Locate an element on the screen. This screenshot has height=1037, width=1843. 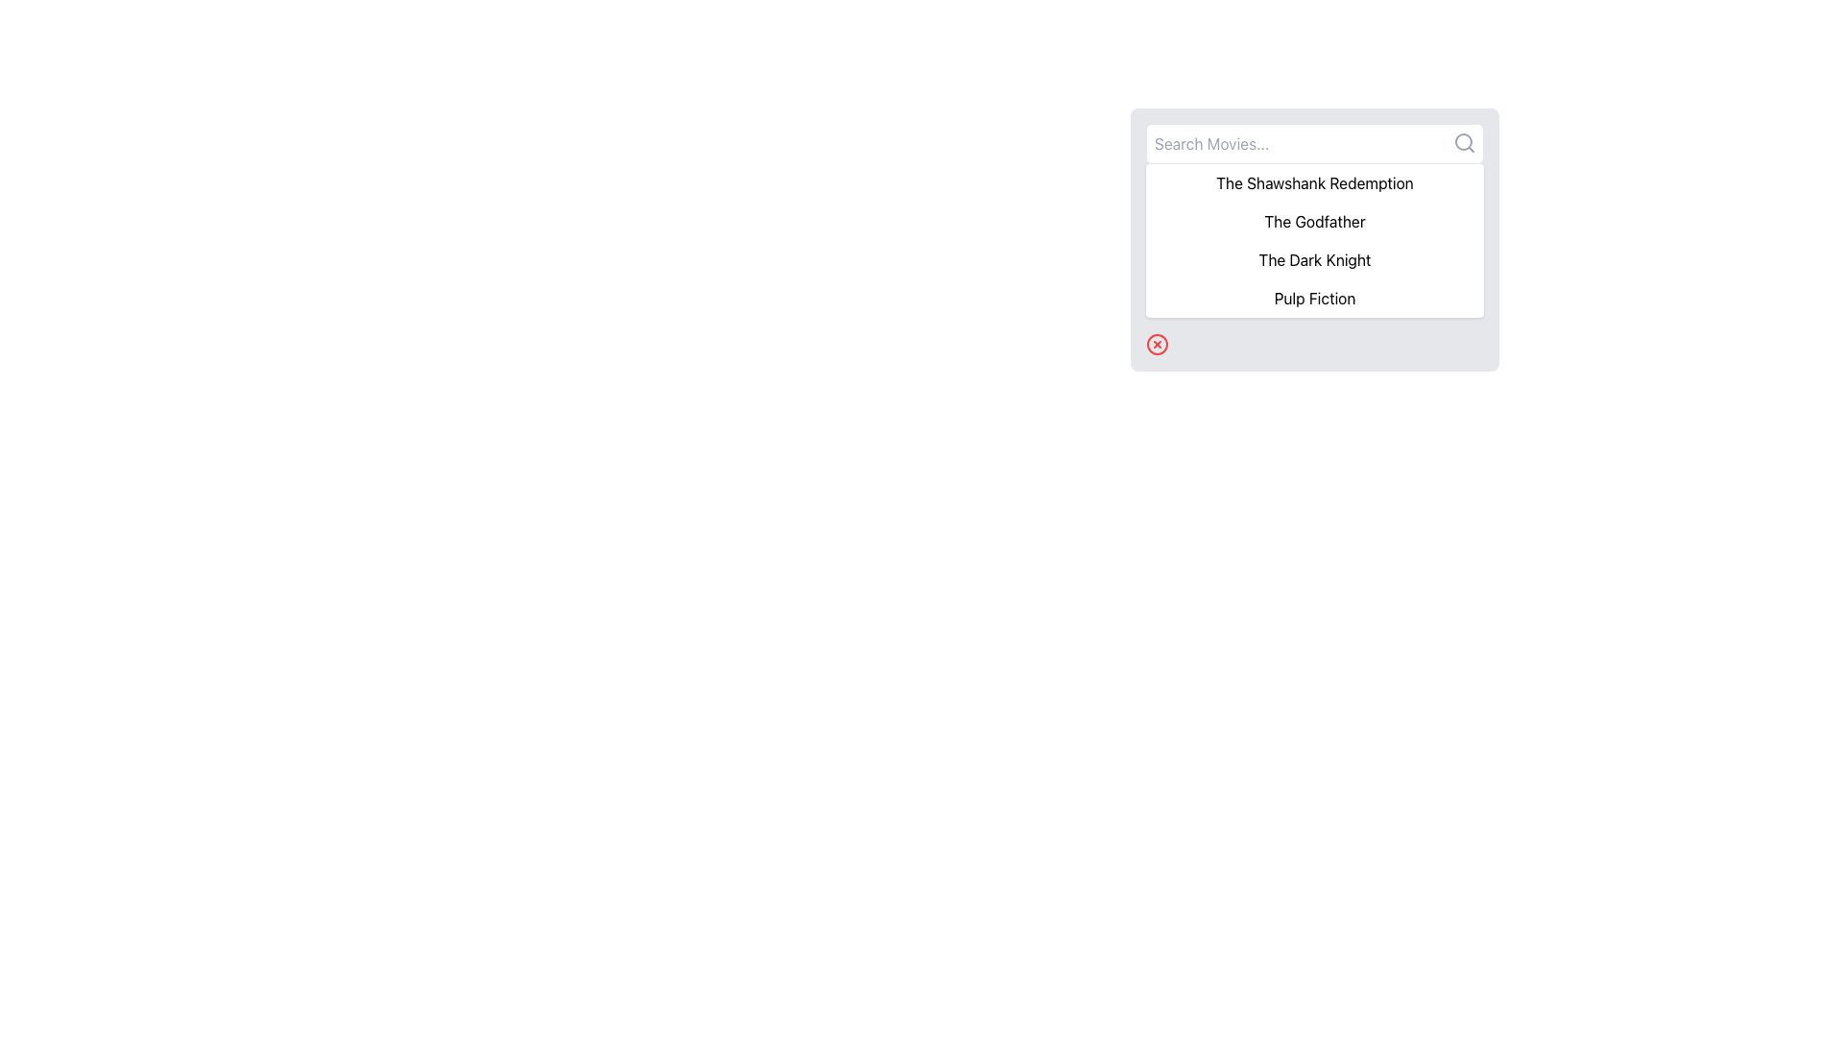
the list item displaying 'The Godfather' in bold style is located at coordinates (1313, 221).